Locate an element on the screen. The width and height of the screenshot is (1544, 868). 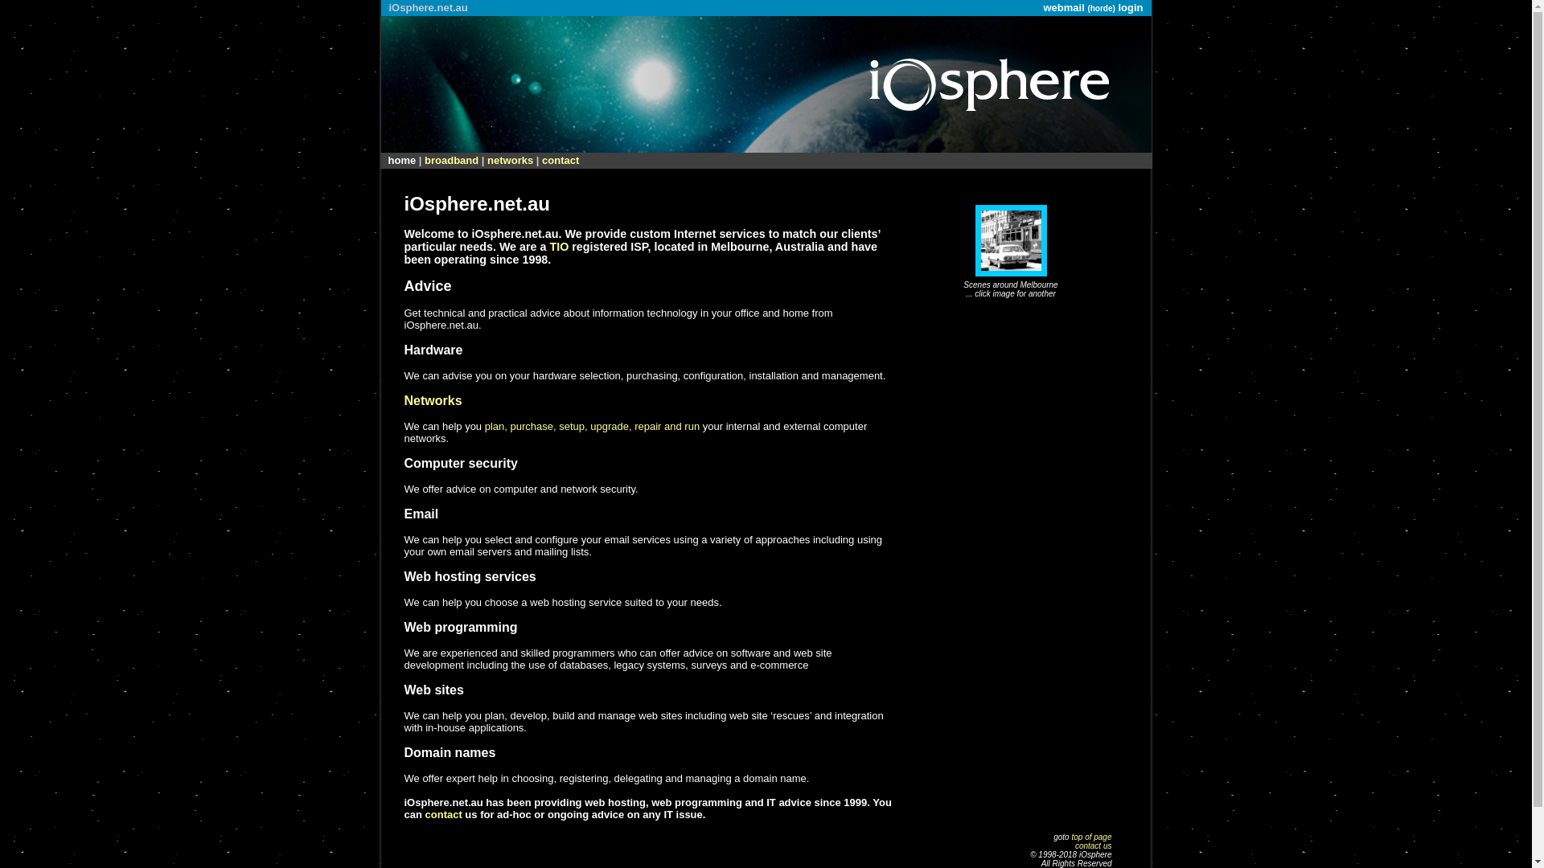
'contact' is located at coordinates (444, 814).